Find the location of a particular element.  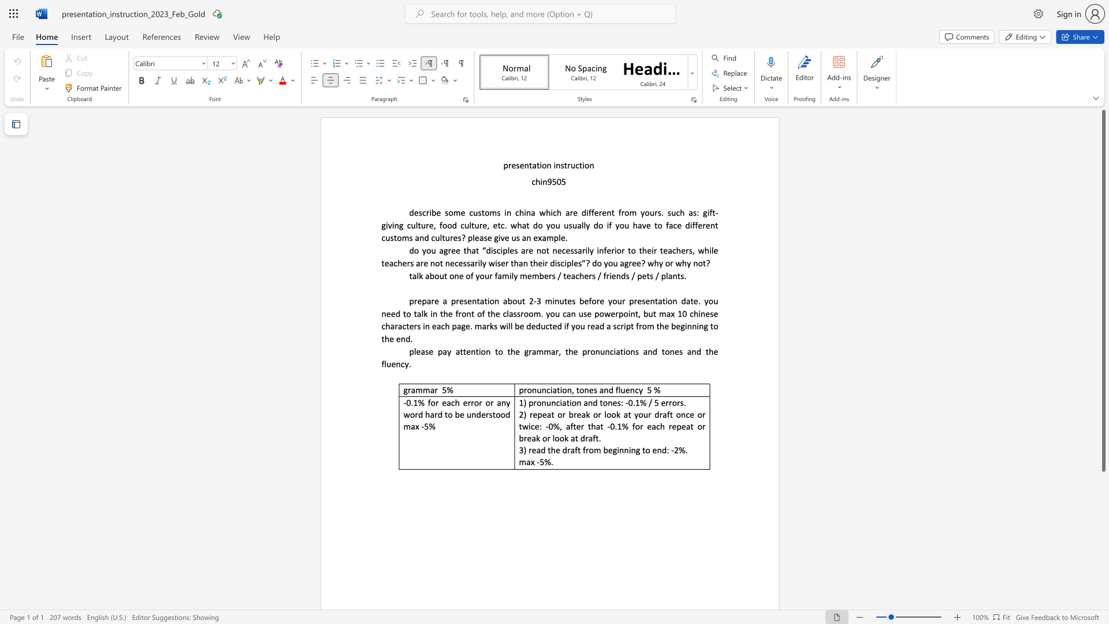

the scrollbar on the right to move the page downward is located at coordinates (1103, 565).